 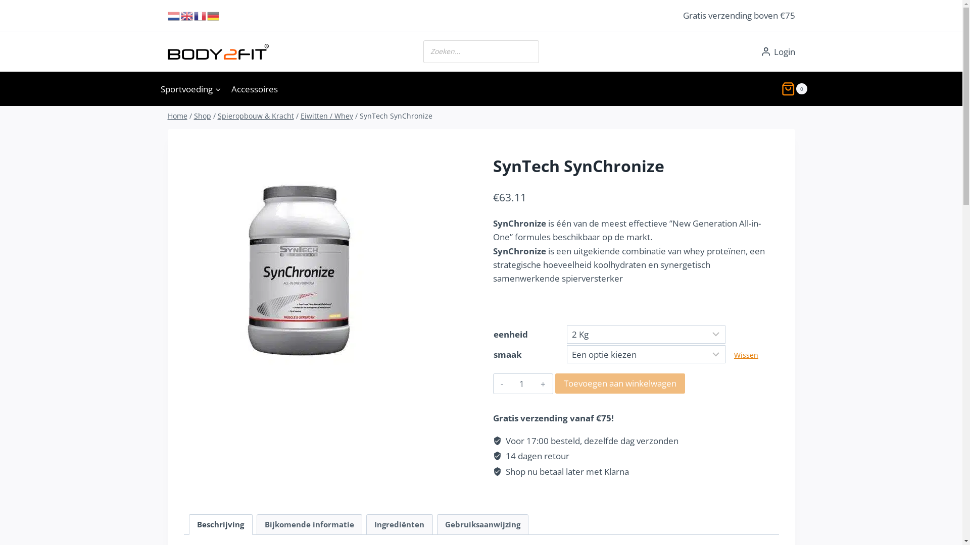 I want to click on 'Bijkomende informatie', so click(x=309, y=524).